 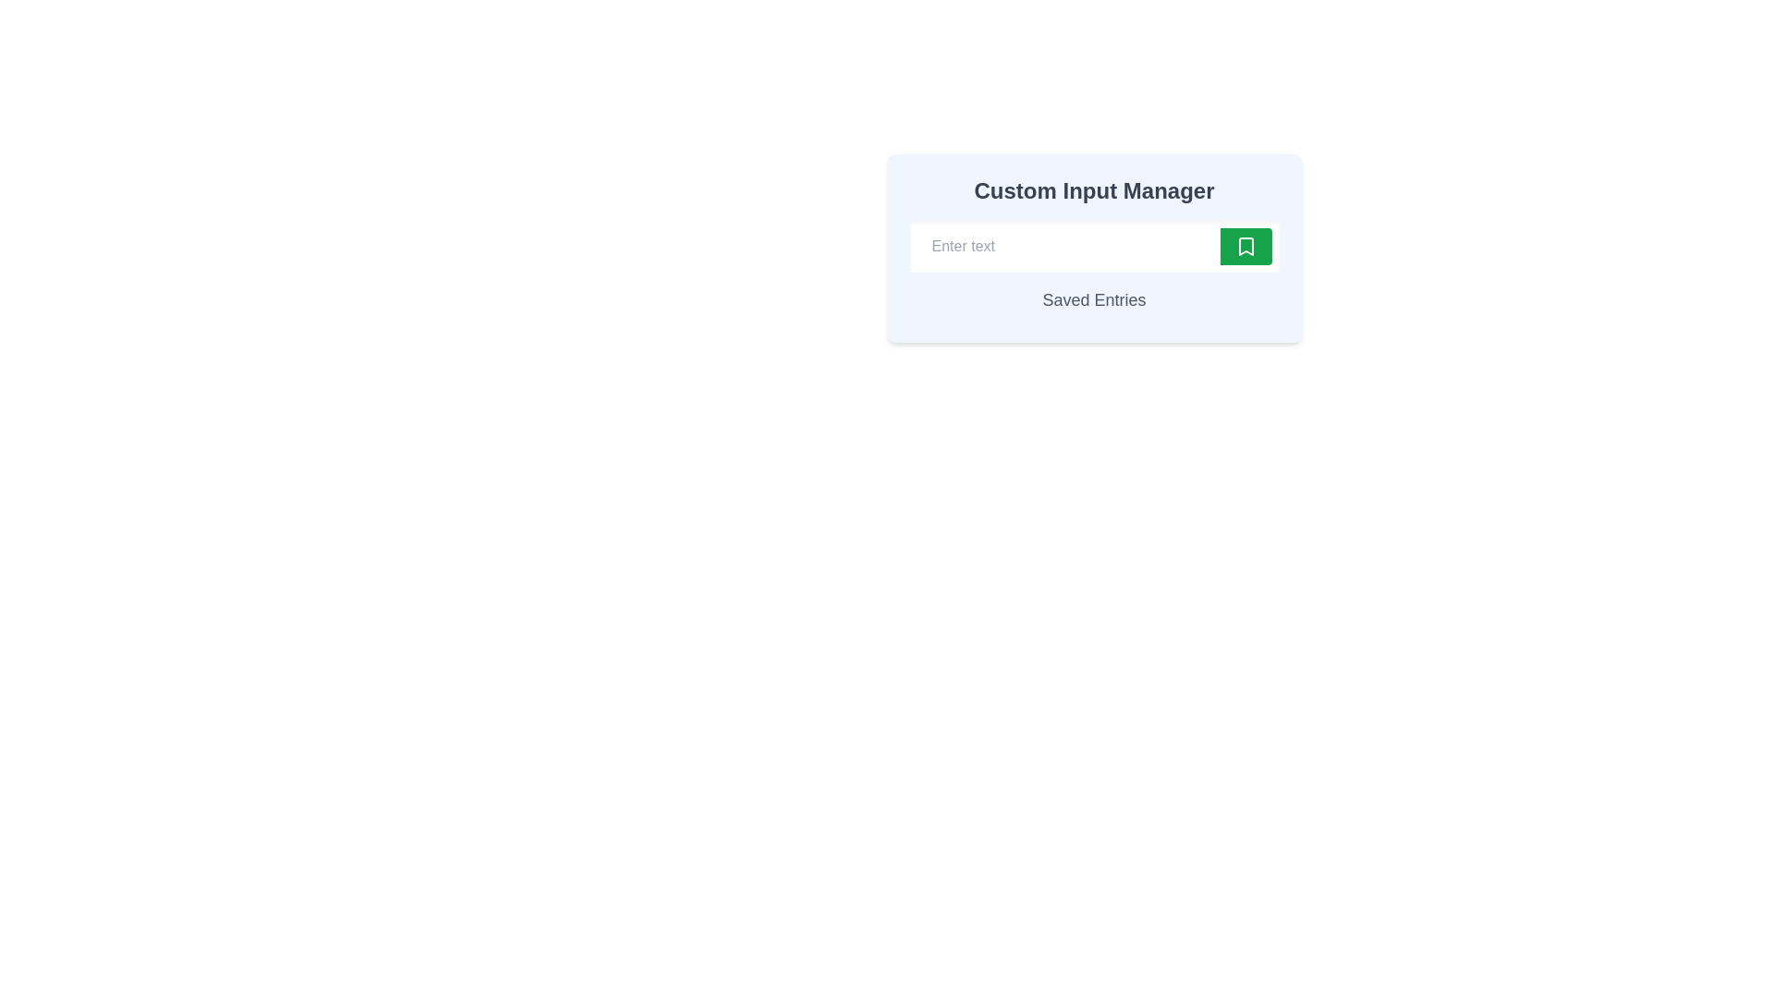 What do you see at coordinates (1094, 248) in the screenshot?
I see `the input field of the 'Custom Input Manager' section to activate it` at bounding box center [1094, 248].